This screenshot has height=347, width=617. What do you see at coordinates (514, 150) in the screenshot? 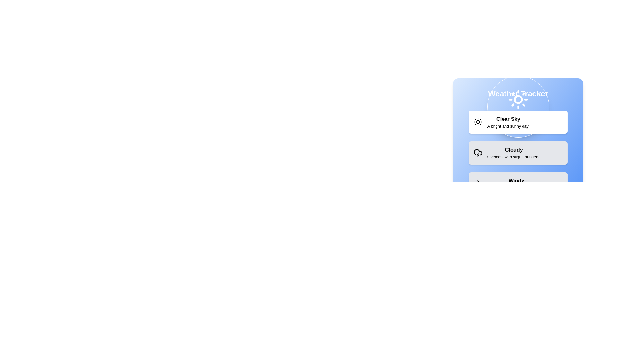
I see `the bold, black text label reading 'Cloudy', which is prominently displayed in a larger font size above the descriptive text 'Overcast with slight thunders' within the weather-themed interface` at bounding box center [514, 150].